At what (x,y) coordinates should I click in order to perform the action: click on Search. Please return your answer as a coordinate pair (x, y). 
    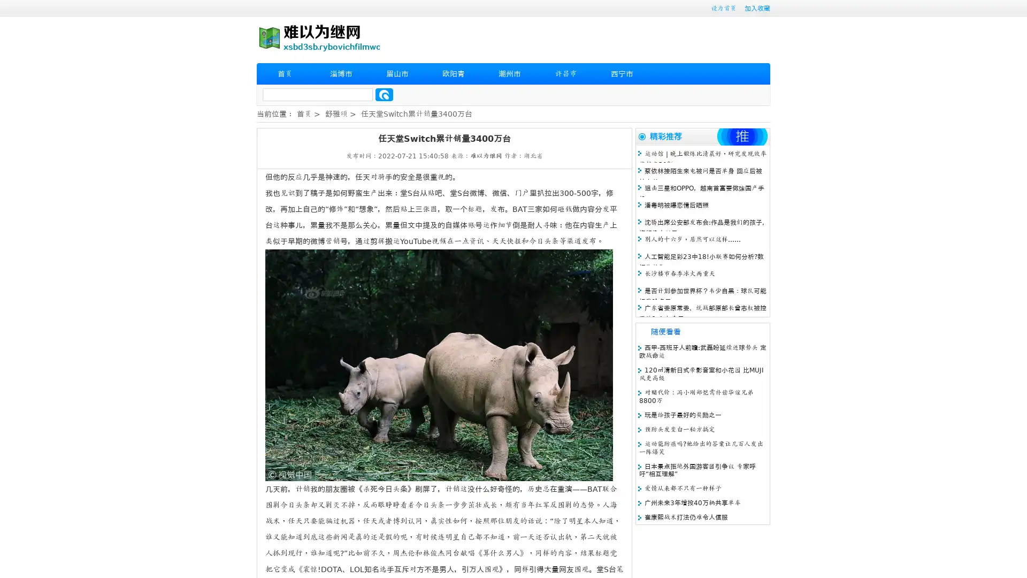
    Looking at the image, I should click on (384, 94).